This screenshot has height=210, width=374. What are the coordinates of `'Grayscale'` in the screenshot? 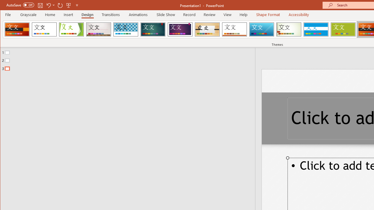 It's located at (28, 14).